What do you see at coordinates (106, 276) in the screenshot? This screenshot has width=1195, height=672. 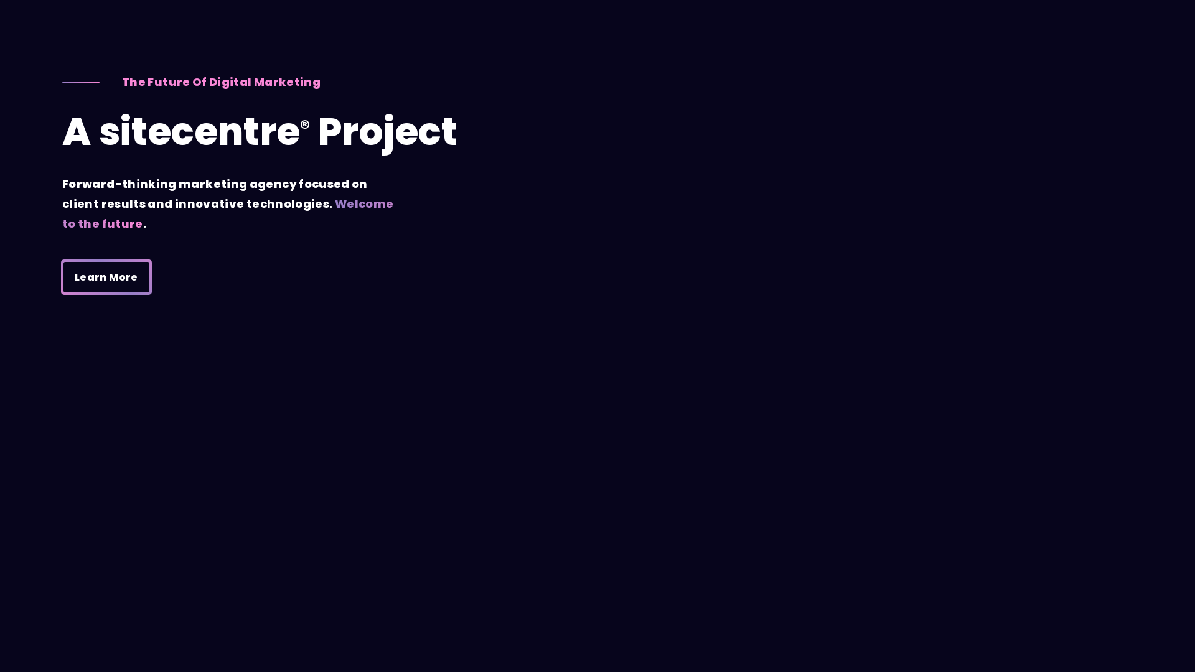 I see `'Learn More'` at bounding box center [106, 276].